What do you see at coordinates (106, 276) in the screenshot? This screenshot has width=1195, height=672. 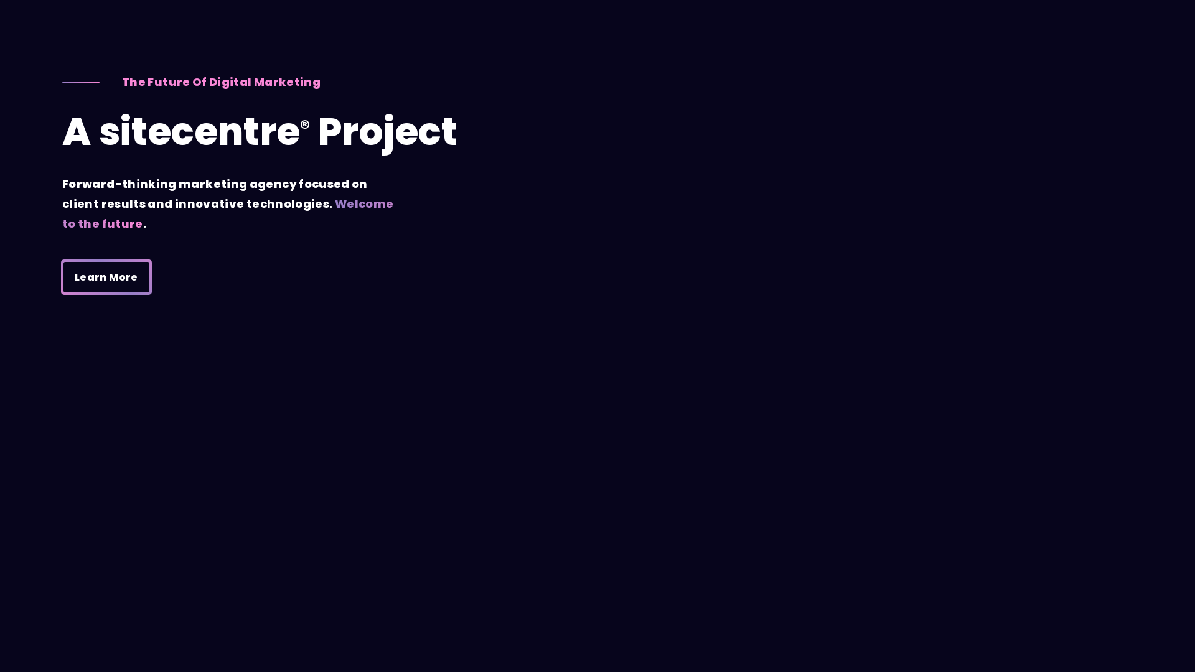 I see `'Learn More'` at bounding box center [106, 276].